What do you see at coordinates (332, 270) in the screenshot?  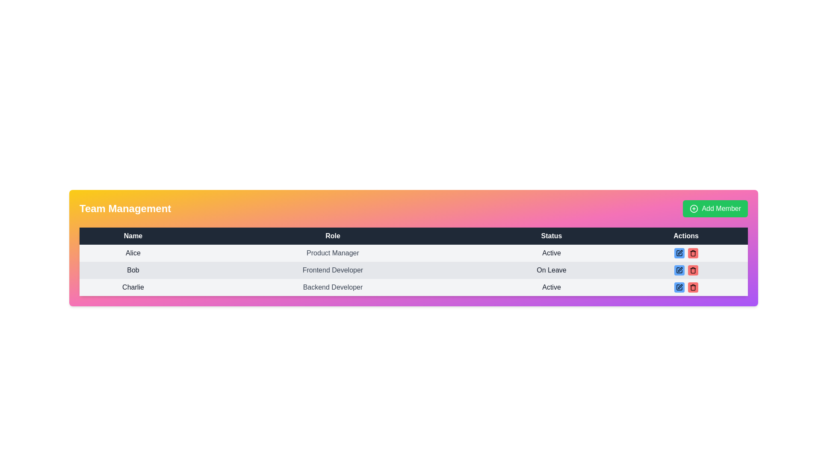 I see `the Static Text Label that indicates the role of 'Frontend Developer' associated with 'Bob', located in the second row of the table under the 'Role' column` at bounding box center [332, 270].